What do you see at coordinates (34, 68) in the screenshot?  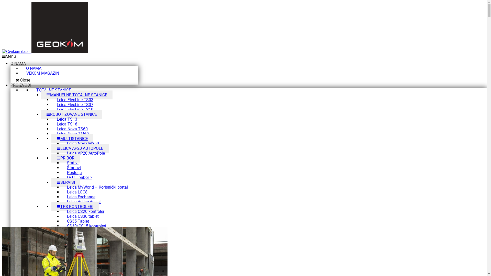 I see `'O NAMA'` at bounding box center [34, 68].